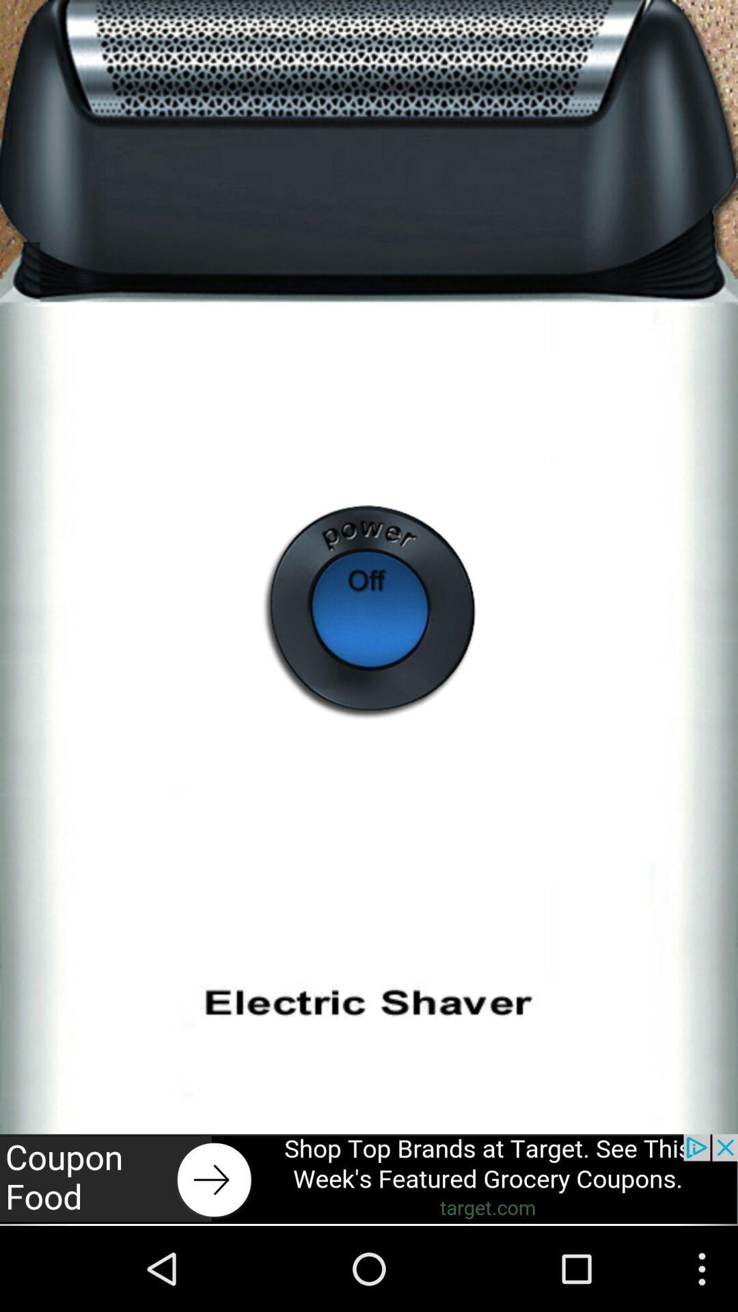 The width and height of the screenshot is (738, 1312). I want to click on off batton, so click(369, 612).